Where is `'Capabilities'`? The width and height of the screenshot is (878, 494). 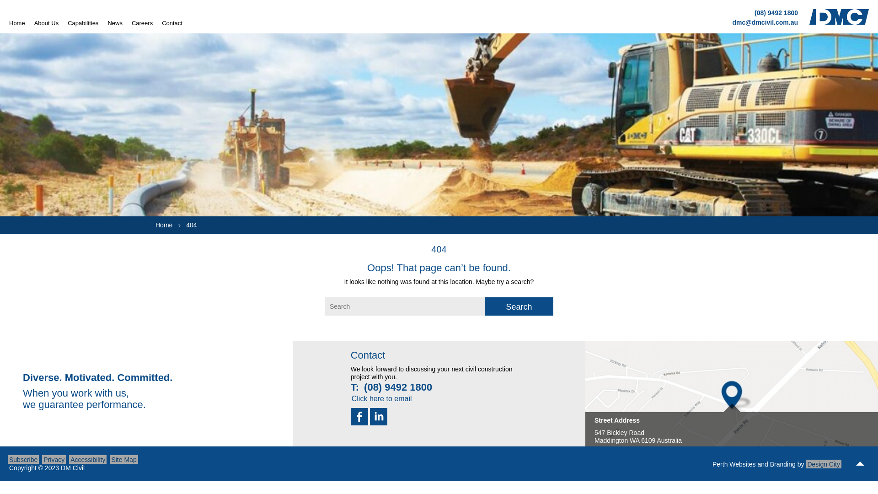
'Capabilities' is located at coordinates (83, 22).